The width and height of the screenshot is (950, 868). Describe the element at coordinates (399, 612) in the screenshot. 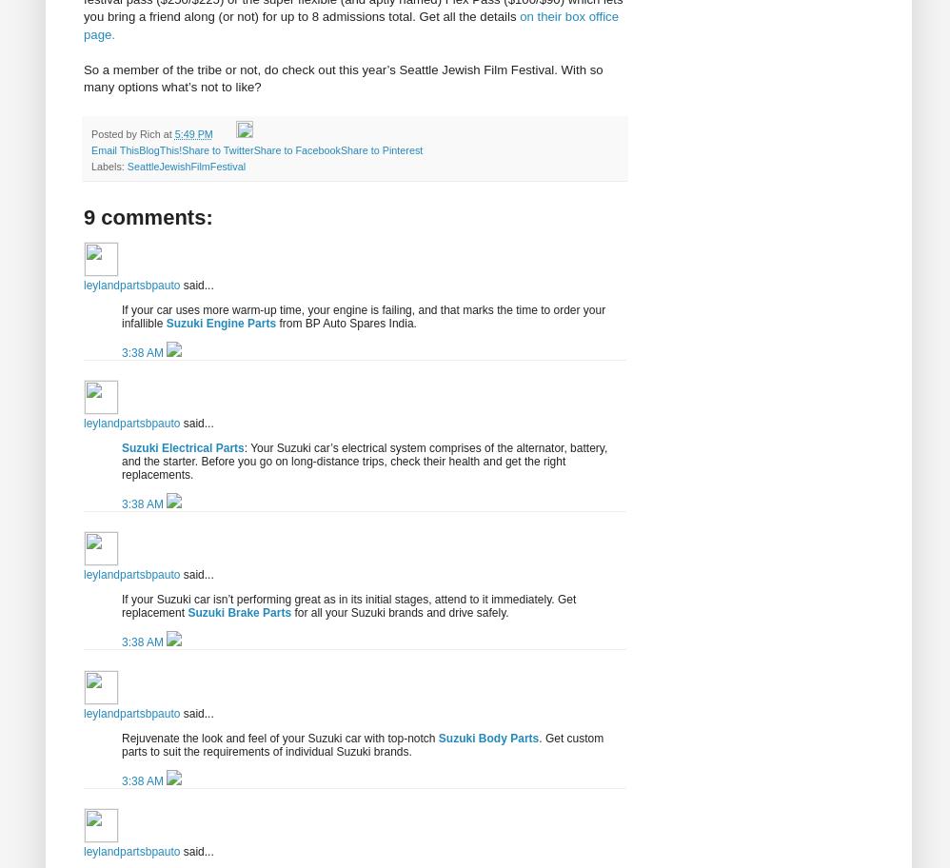

I see `'for all your Suzuki brands and drive safely.'` at that location.